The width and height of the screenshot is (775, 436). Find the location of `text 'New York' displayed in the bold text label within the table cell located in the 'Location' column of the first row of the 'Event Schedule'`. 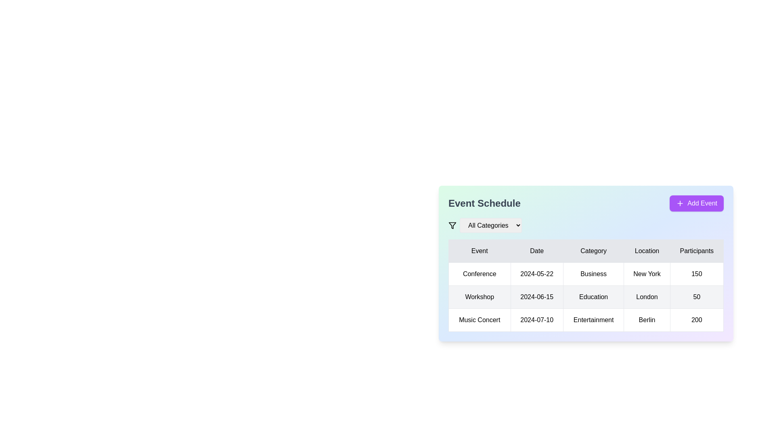

text 'New York' displayed in the bold text label within the table cell located in the 'Location' column of the first row of the 'Event Schedule' is located at coordinates (647, 273).